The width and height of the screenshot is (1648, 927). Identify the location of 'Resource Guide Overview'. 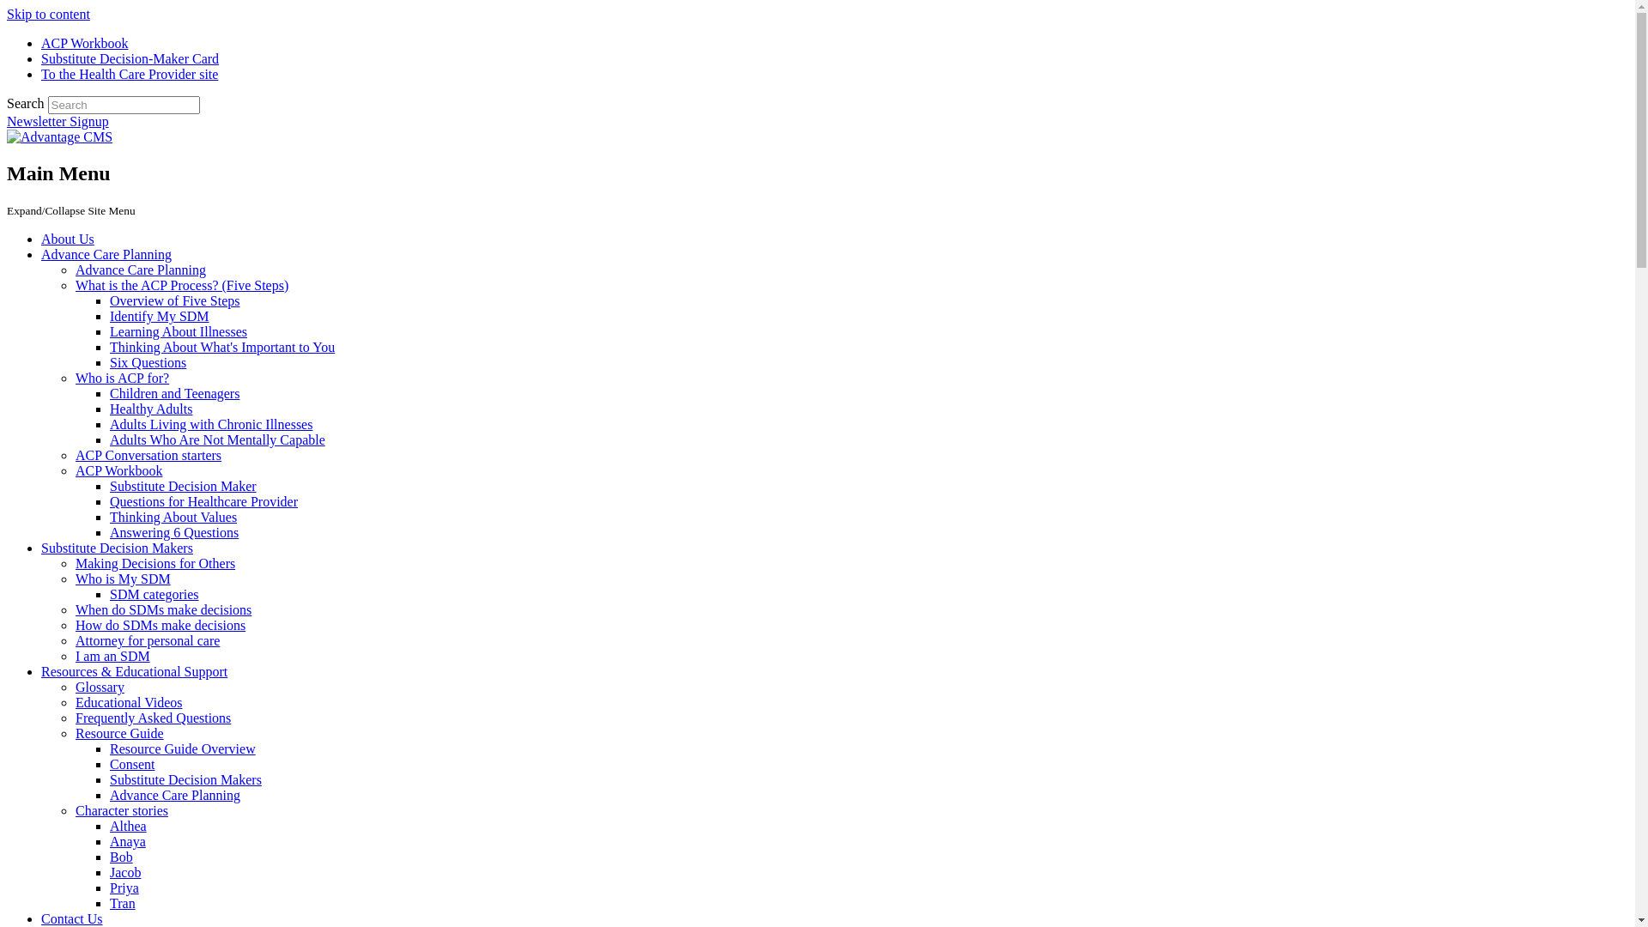
(109, 748).